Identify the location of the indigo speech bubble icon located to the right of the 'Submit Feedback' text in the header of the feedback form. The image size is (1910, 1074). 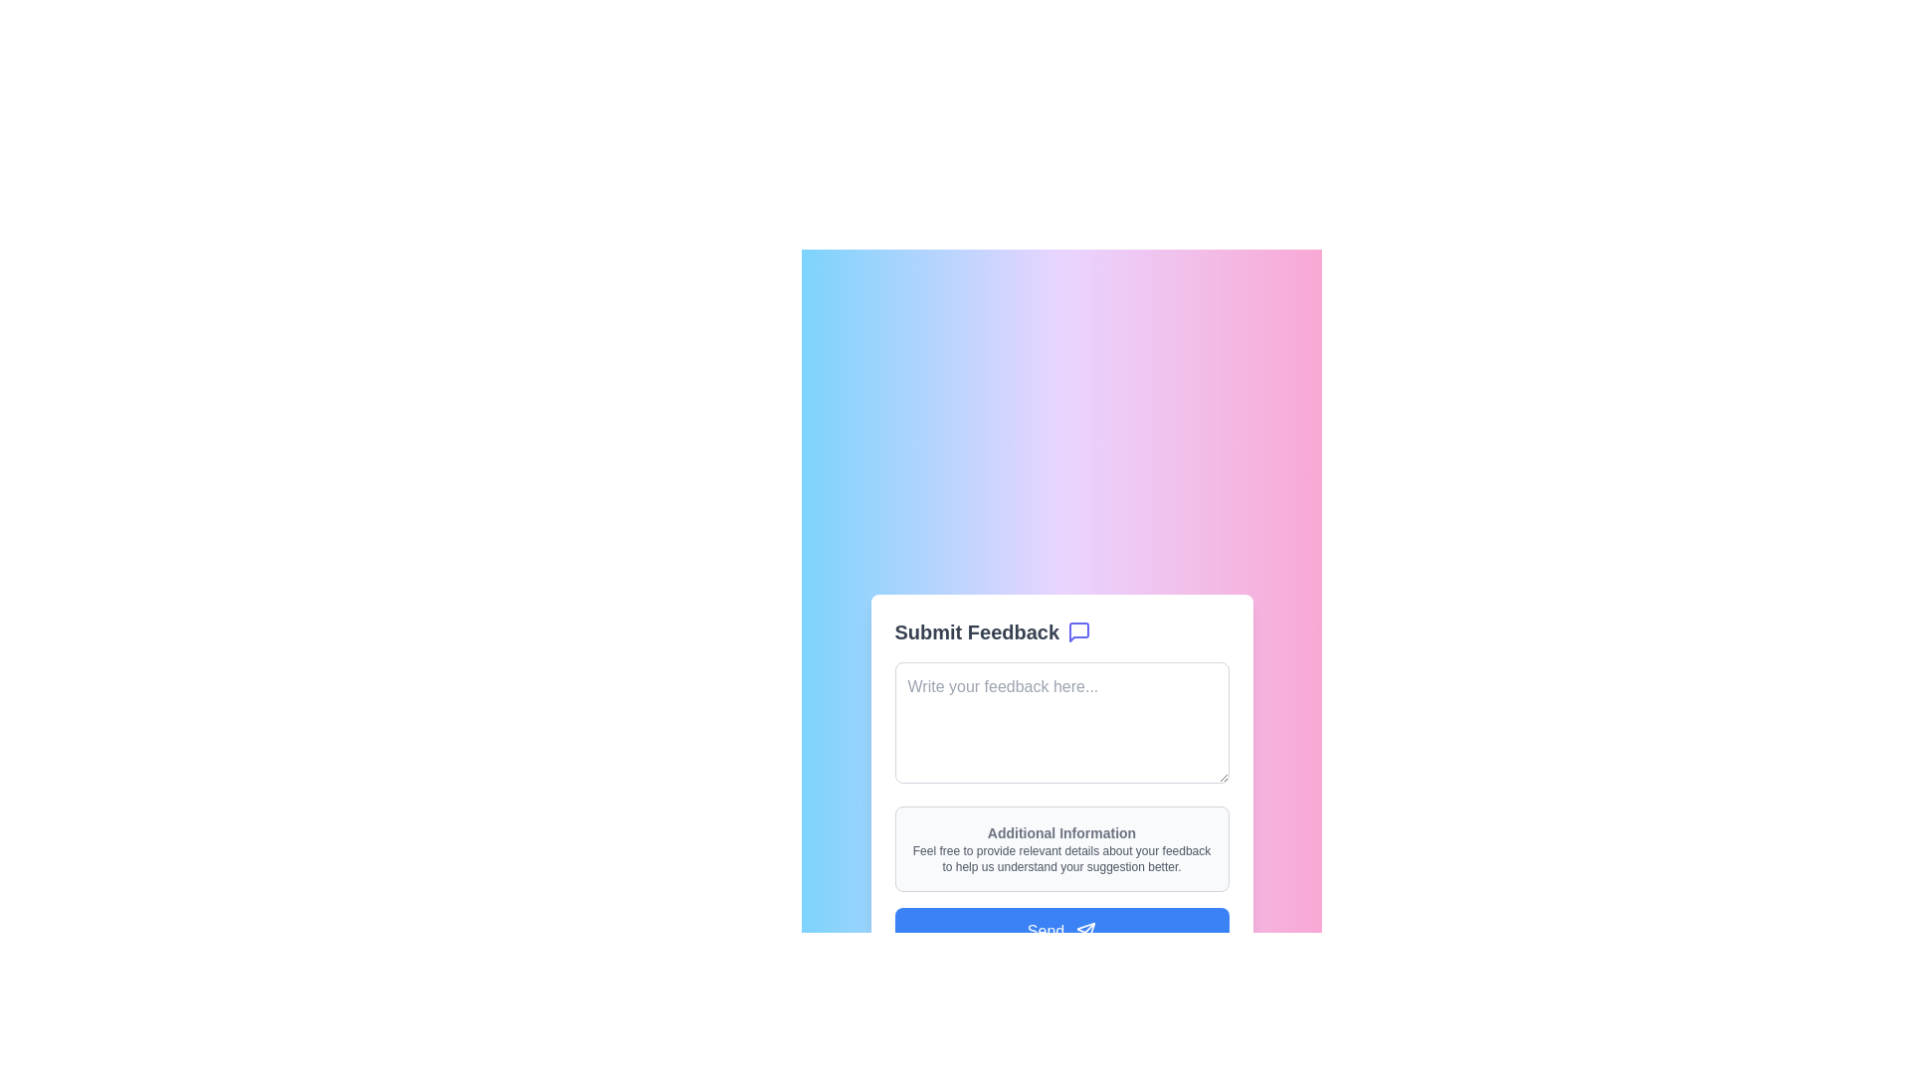
(1078, 631).